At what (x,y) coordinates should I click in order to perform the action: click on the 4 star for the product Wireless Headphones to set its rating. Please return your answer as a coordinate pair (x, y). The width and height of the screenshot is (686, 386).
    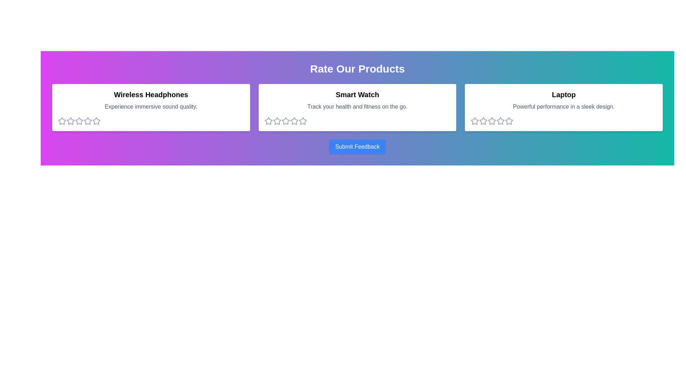
    Looking at the image, I should click on (87, 121).